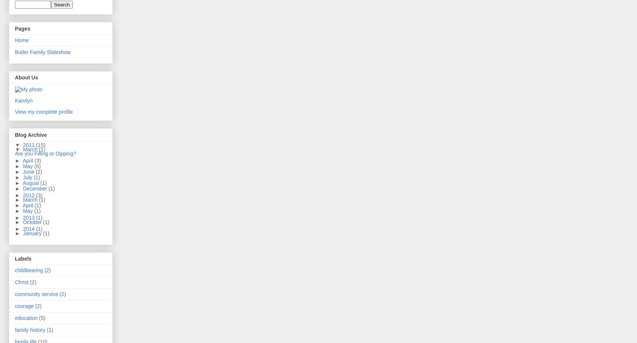 The width and height of the screenshot is (637, 343). I want to click on 'community service', so click(36, 293).